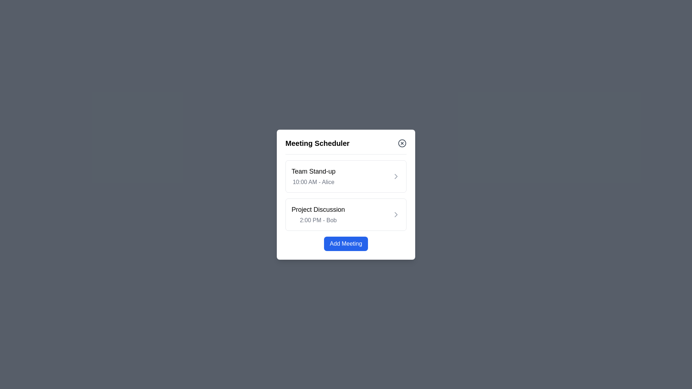 The image size is (692, 389). What do you see at coordinates (313, 171) in the screenshot?
I see `the title text label for the scheduled meeting located in the first section of the meeting list under the 'Meeting Scheduler' header` at bounding box center [313, 171].